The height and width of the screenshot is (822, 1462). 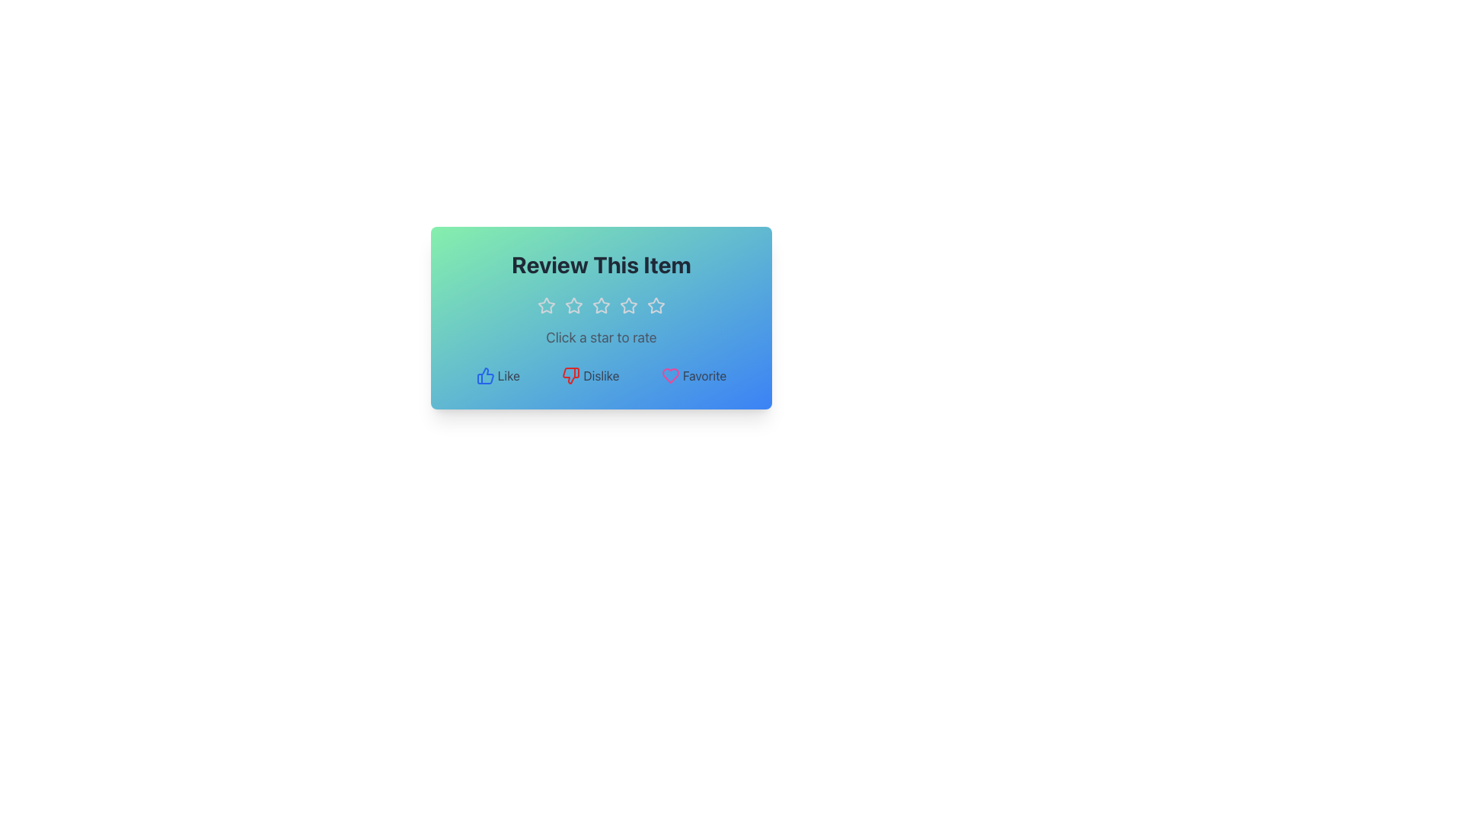 I want to click on text label indicating the 'like' action, which is positioned underneath the heading 'Review This Item', to the left of the 'Dislike' label and immediately to the right of the thumbs-up icon, so click(x=509, y=375).